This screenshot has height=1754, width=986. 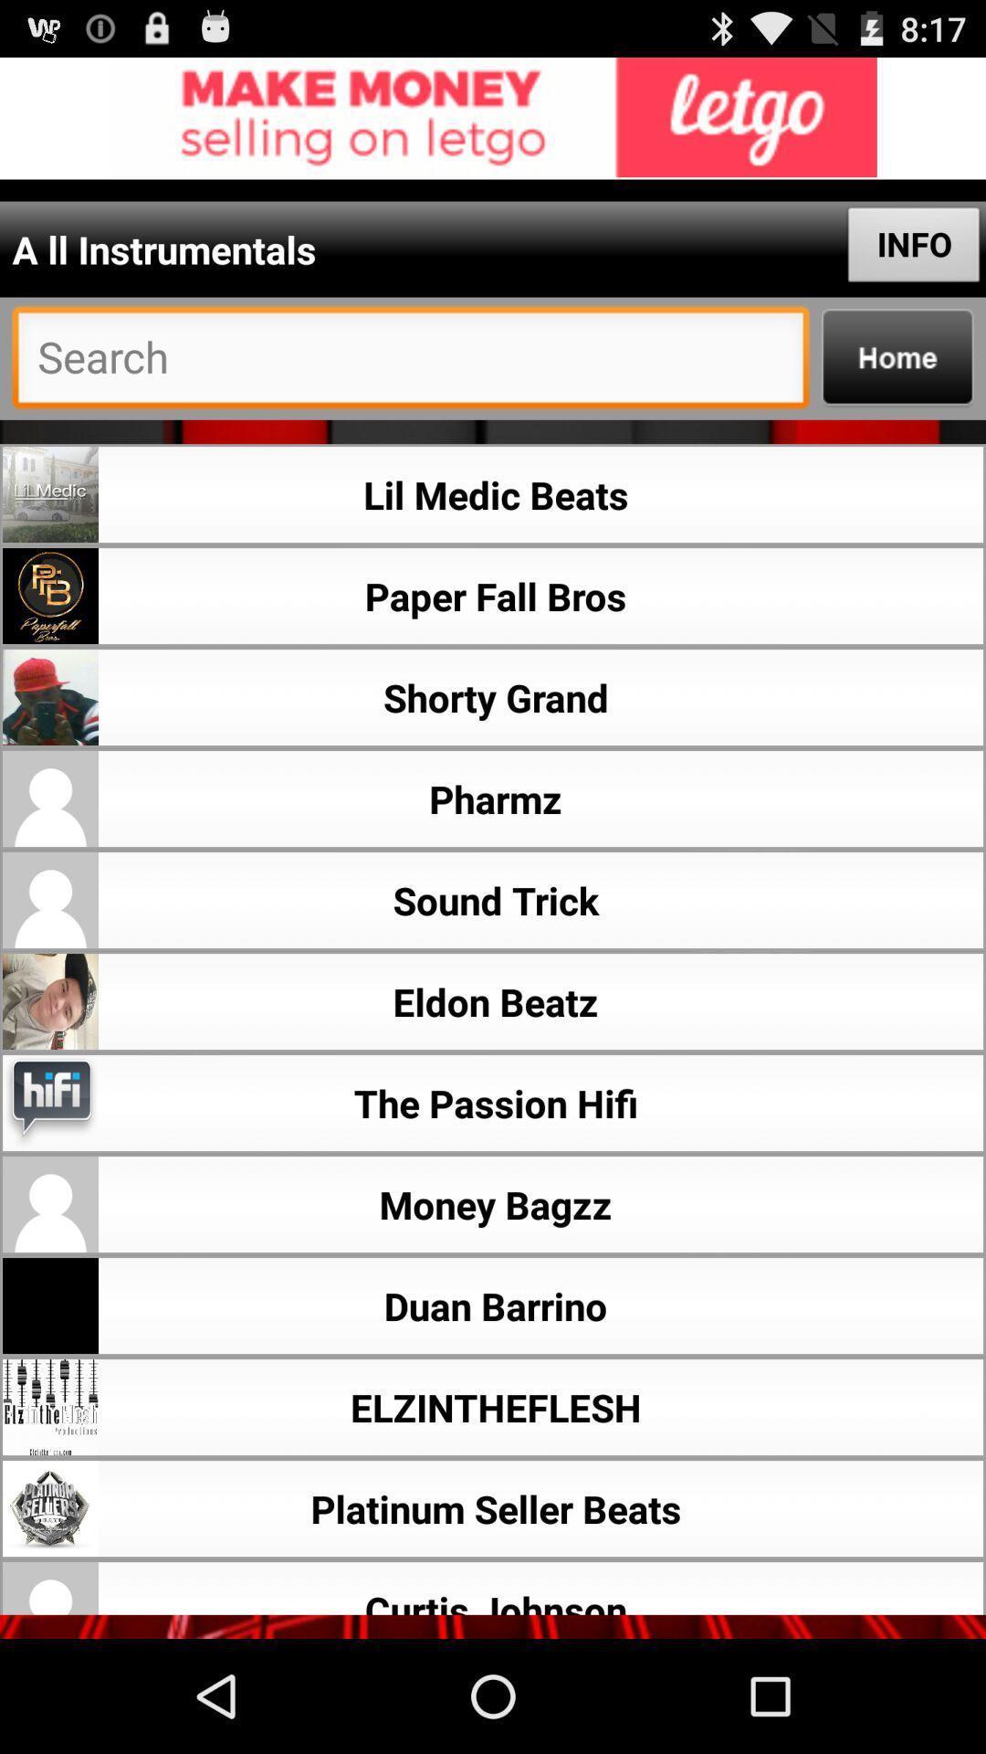 I want to click on links to advertisement, so click(x=493, y=117).